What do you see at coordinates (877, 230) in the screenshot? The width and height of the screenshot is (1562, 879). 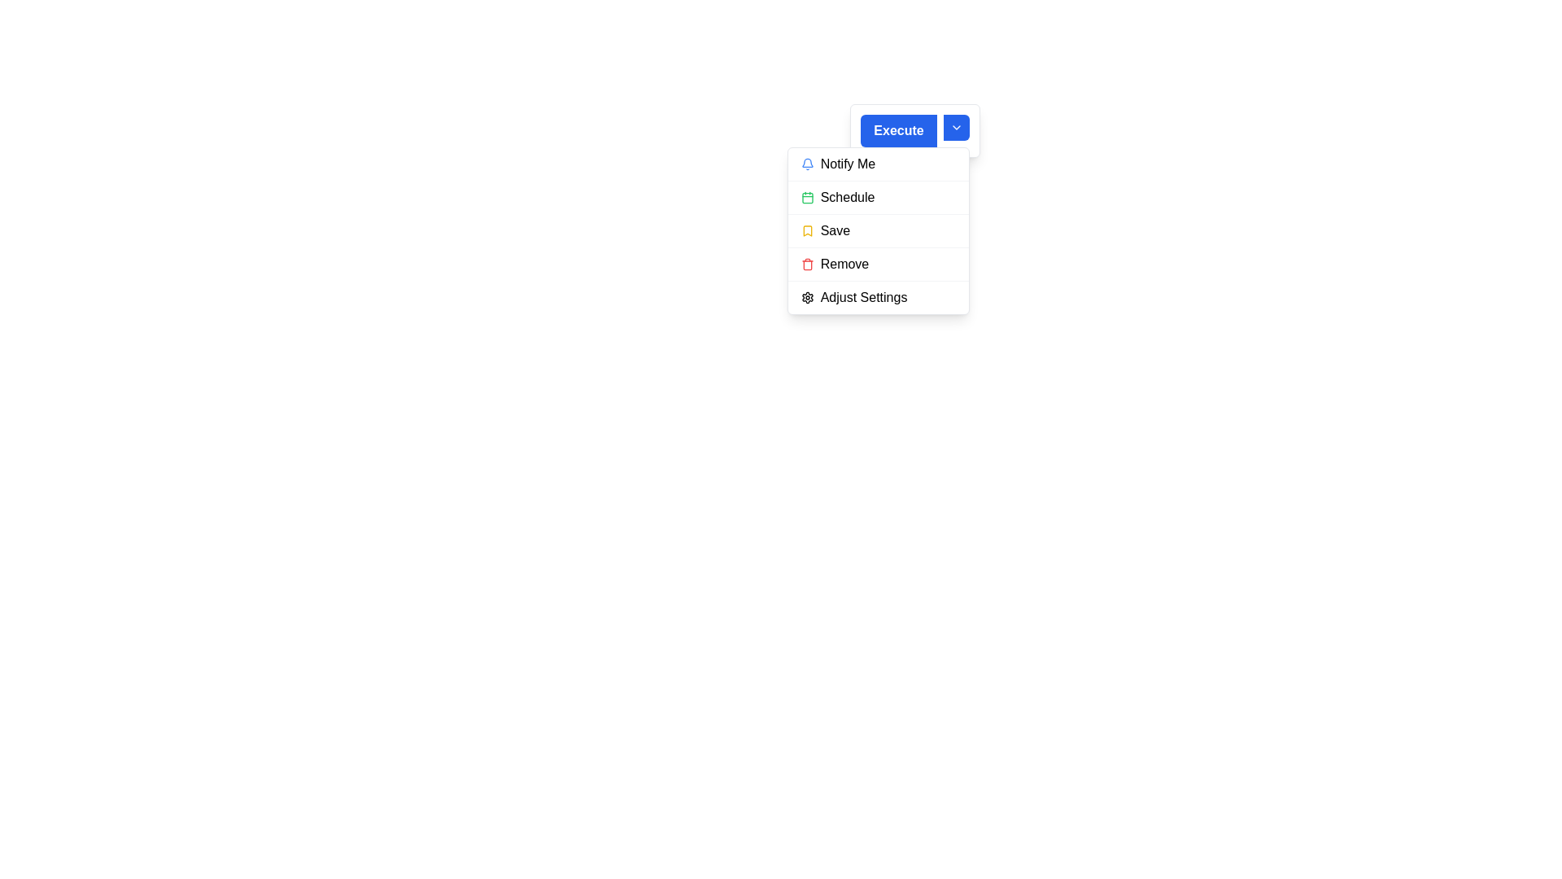 I see `the 'Save' button located in the dropdown menu that appears after clicking the 'Execute' button, positioned between the 'Schedule' and 'Remove' options` at bounding box center [877, 230].